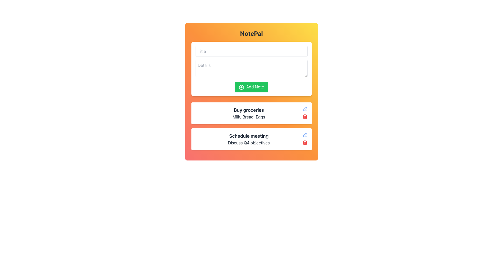 The image size is (498, 280). Describe the element at coordinates (305, 109) in the screenshot. I see `the edit icon, which has a pen-like design and is located within the 'Schedule meeting' item` at that location.